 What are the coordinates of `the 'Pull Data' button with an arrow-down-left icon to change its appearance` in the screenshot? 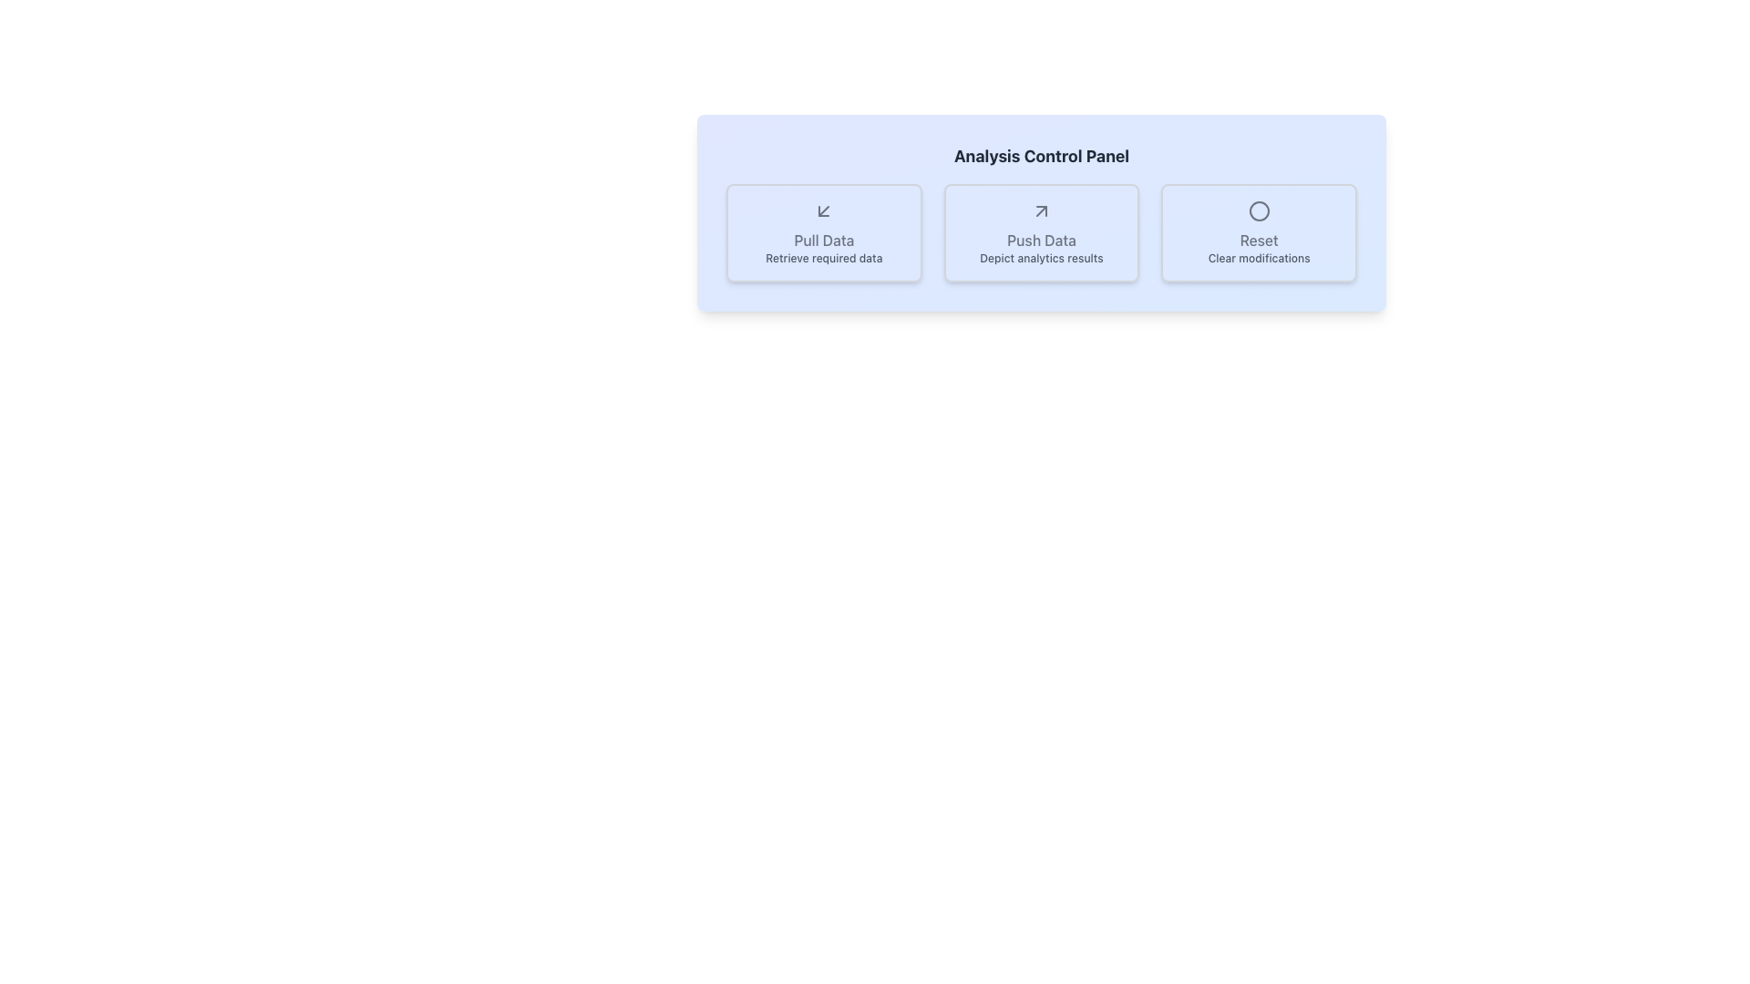 It's located at (823, 231).